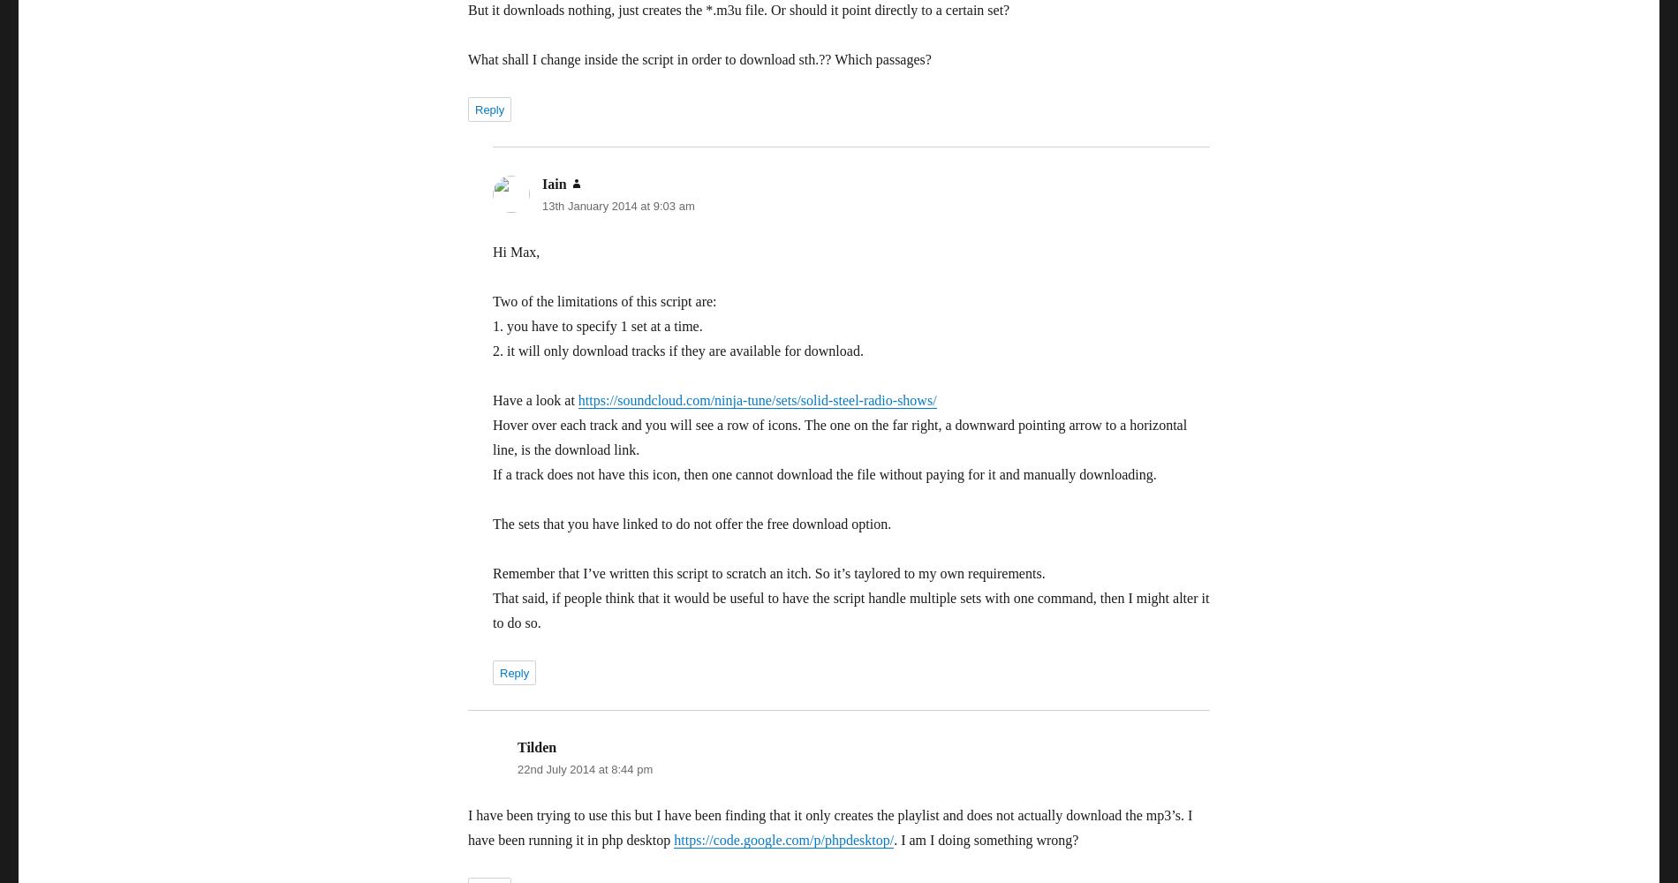 This screenshot has height=883, width=1678. Describe the element at coordinates (604, 300) in the screenshot. I see `'Two of the limitations of this script are:'` at that location.